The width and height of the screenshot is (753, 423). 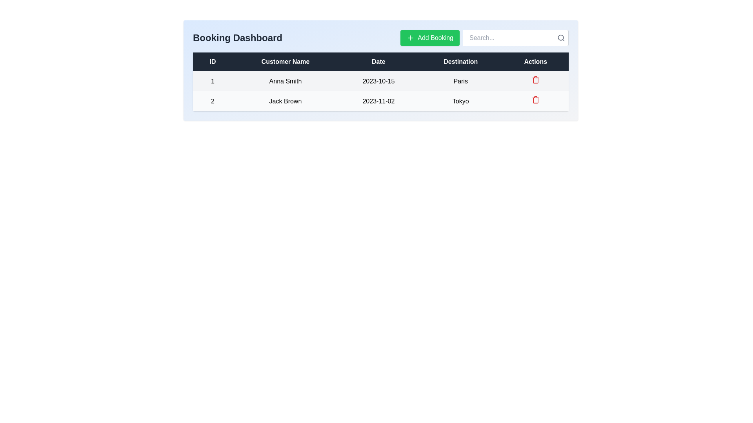 I want to click on the search icon, which is a modern, simplistic magnifying glass styled SVG graphic located at the right end of the search bar component, so click(x=560, y=38).